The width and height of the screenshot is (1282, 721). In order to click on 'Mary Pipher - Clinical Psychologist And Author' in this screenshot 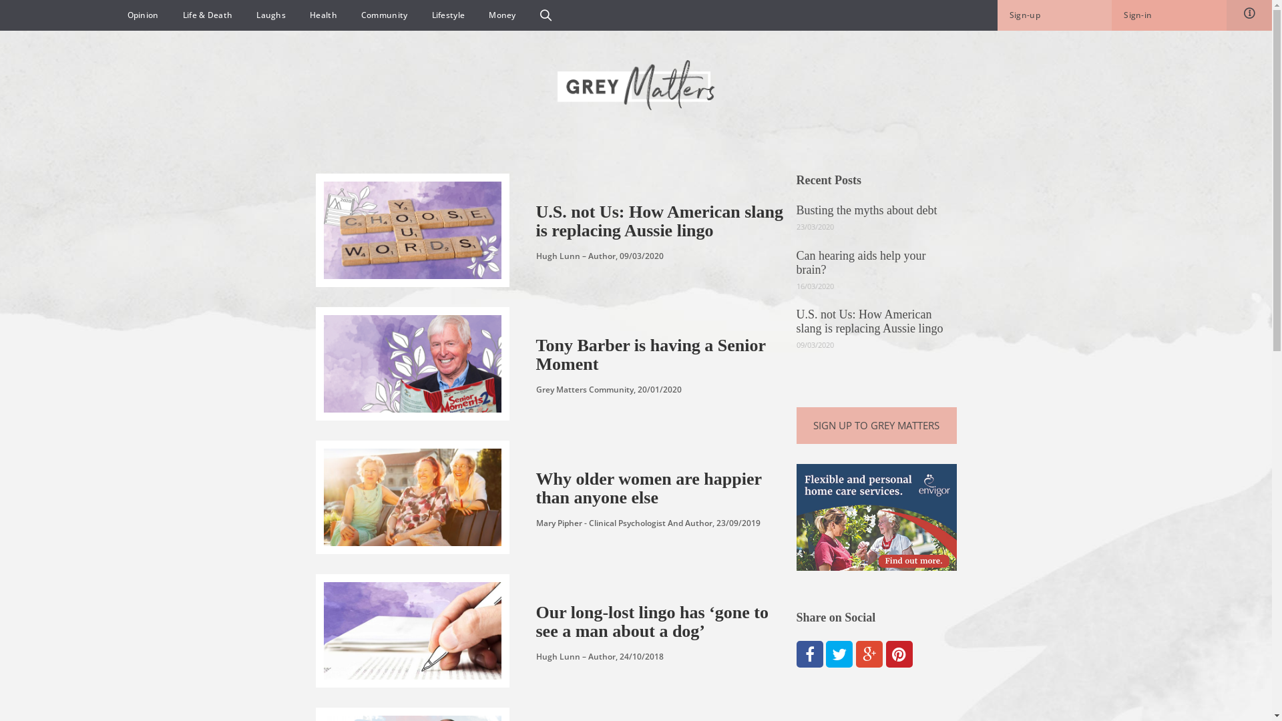, I will do `click(623, 522)`.